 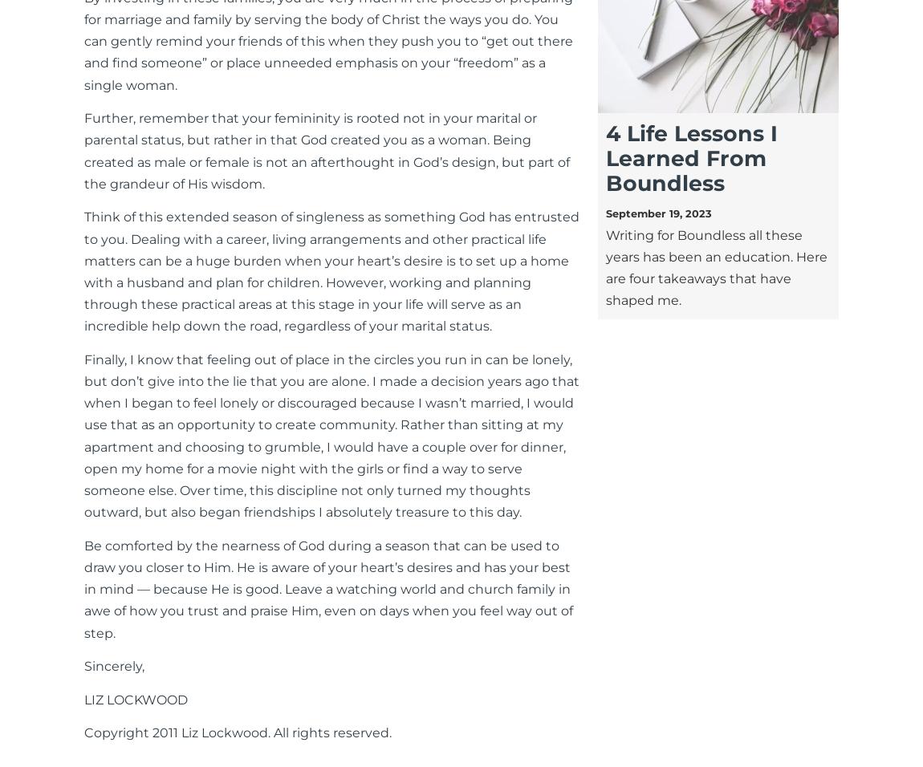 What do you see at coordinates (135, 699) in the screenshot?
I see `'LIZ LOCKWOOD'` at bounding box center [135, 699].